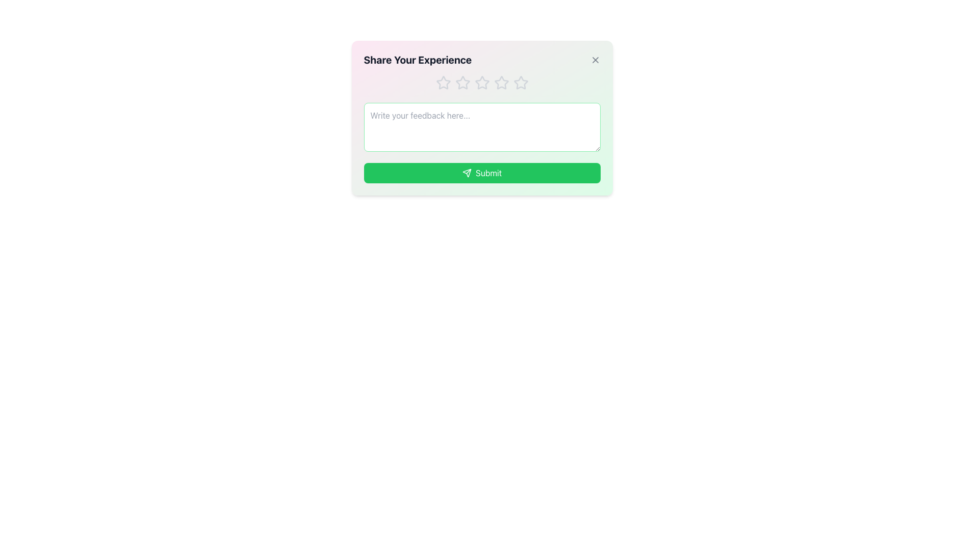  What do you see at coordinates (462, 82) in the screenshot?
I see `the second star icon in the 5-star rating system` at bounding box center [462, 82].